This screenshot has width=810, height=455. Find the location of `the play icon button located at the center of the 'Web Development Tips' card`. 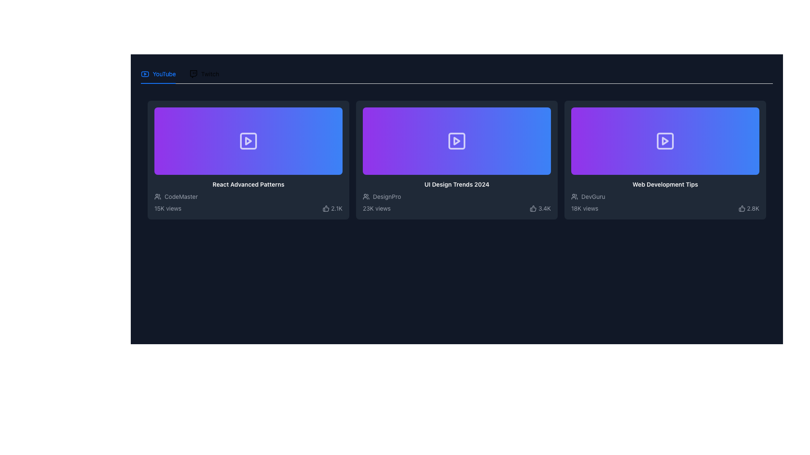

the play icon button located at the center of the 'Web Development Tips' card is located at coordinates (665, 141).